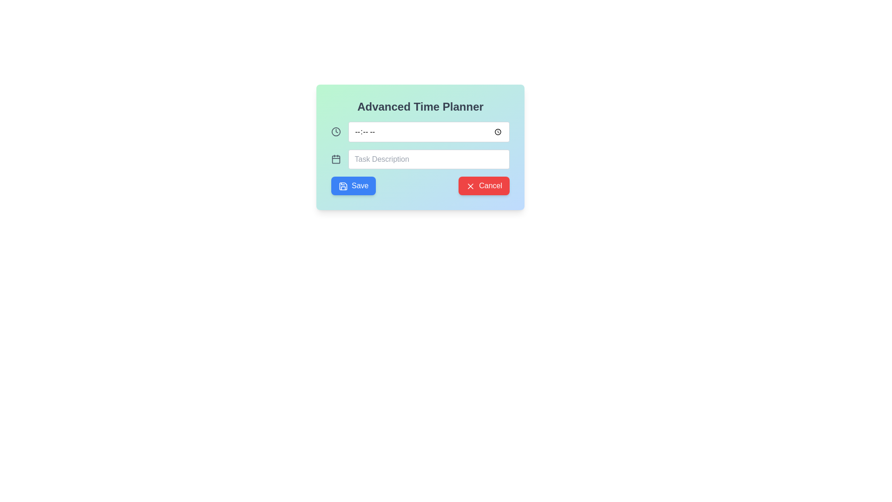 This screenshot has height=502, width=892. I want to click on the blue 'Save' button containing the minimalist white floppy disk icon, so click(343, 186).